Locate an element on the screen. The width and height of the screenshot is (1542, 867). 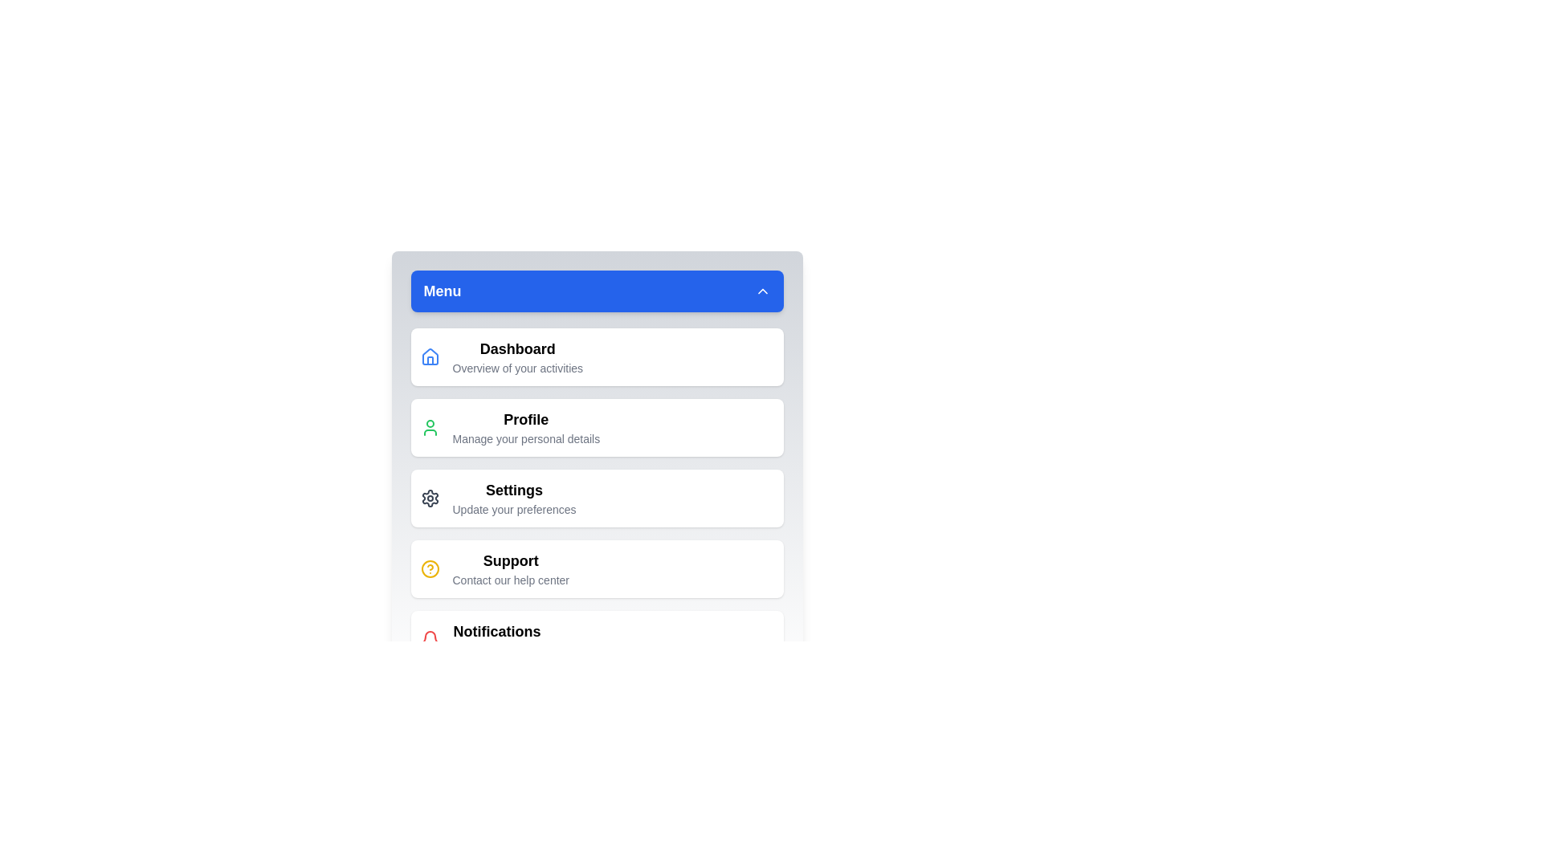
the third menu item in the vertical list that provides access to settings or preferences options in the application is located at coordinates (596, 498).